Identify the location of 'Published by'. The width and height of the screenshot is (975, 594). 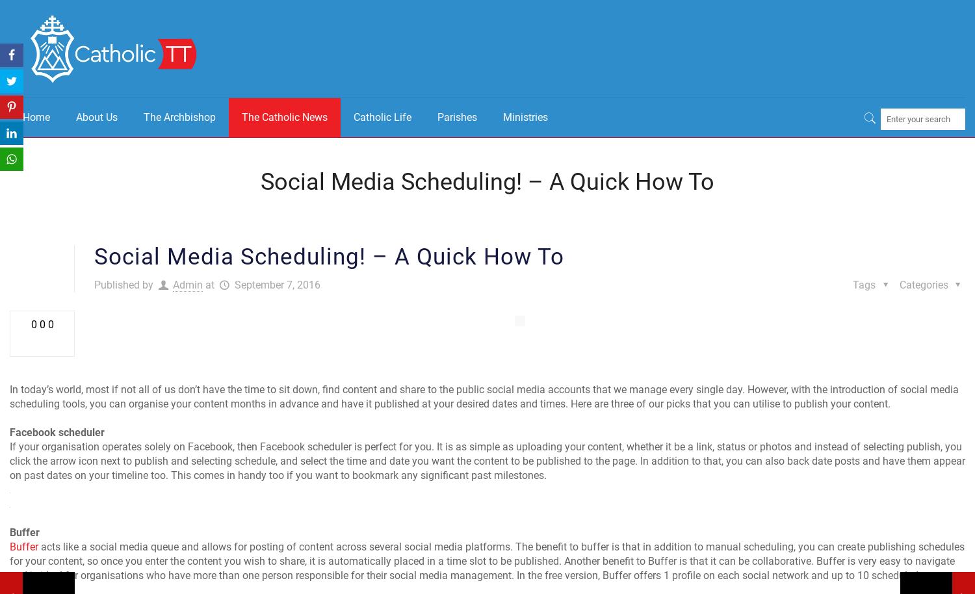
(94, 284).